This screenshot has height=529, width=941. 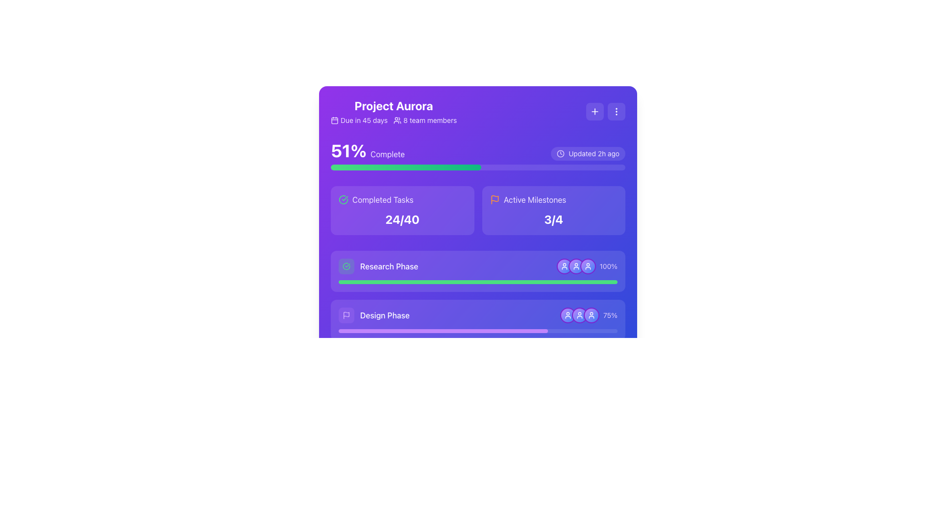 What do you see at coordinates (495, 198) in the screenshot?
I see `the decorative graphical element resembling the waving portion of a flag, which is centrally located within the flag icon in the 'Active Milestones' section` at bounding box center [495, 198].